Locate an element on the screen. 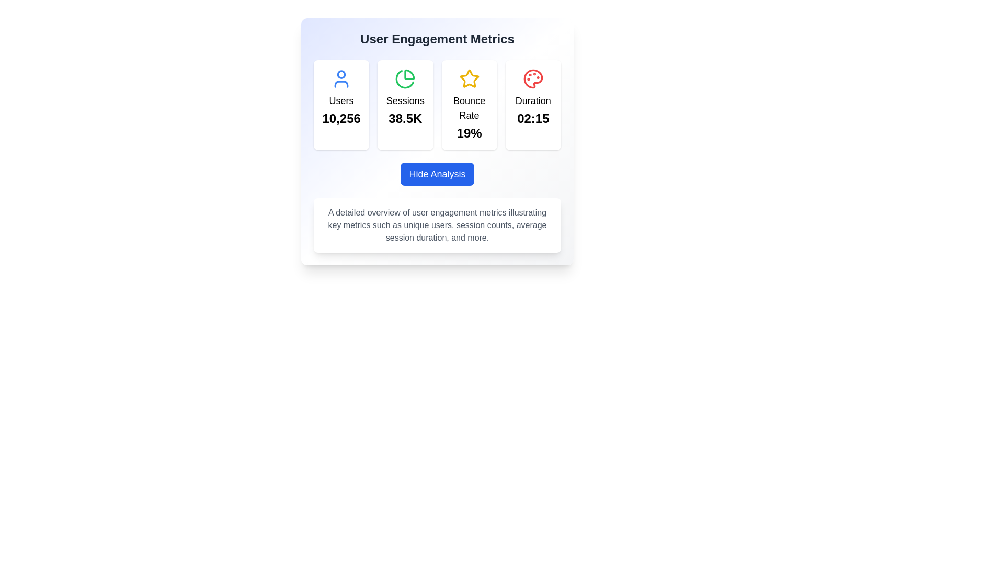 This screenshot has height=565, width=1004. the toggle visibility button for the analysis section is located at coordinates (437, 173).